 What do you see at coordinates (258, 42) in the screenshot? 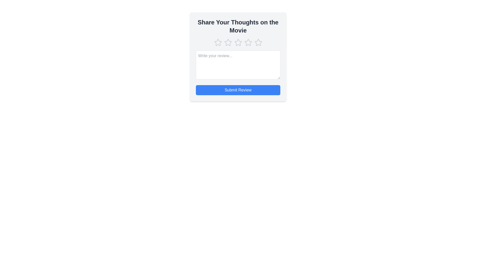
I see `the fifth star icon in the rating bar to visually highlight the level` at bounding box center [258, 42].